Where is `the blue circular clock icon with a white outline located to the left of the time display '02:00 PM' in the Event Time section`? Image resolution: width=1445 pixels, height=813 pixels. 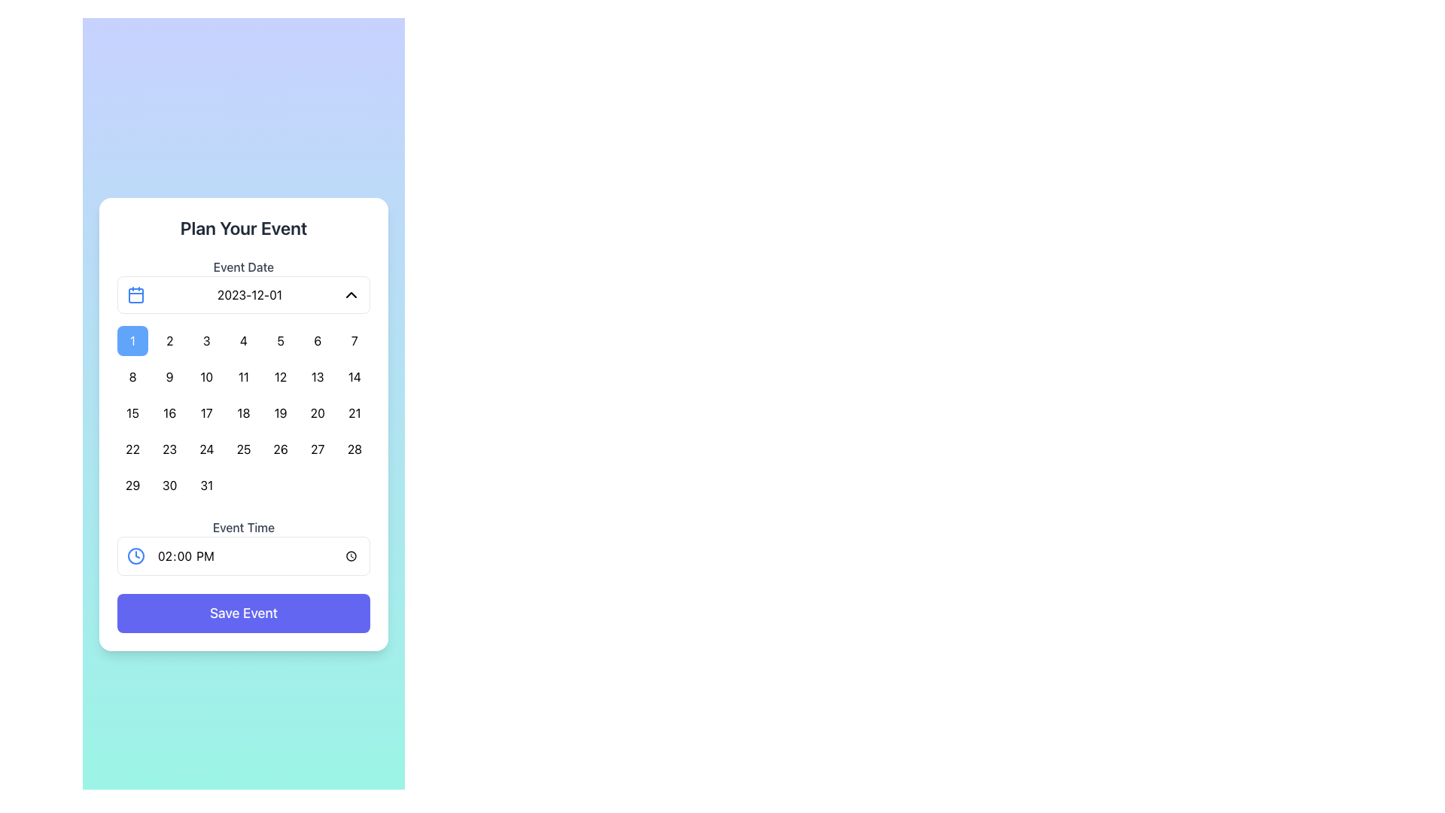
the blue circular clock icon with a white outline located to the left of the time display '02:00 PM' in the Event Time section is located at coordinates (136, 556).